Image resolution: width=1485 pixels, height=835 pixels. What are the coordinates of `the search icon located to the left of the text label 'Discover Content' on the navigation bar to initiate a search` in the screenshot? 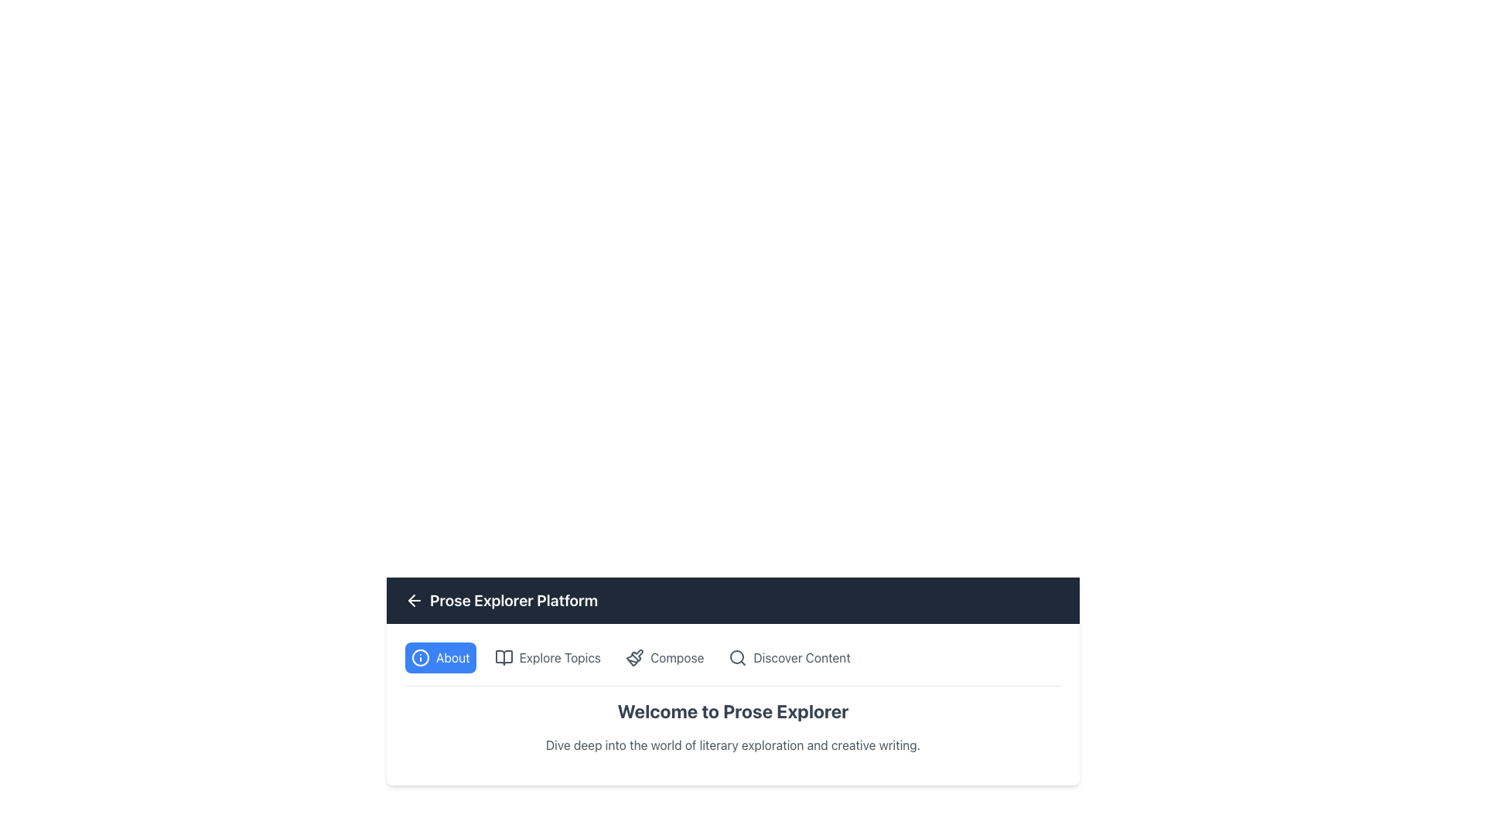 It's located at (737, 658).